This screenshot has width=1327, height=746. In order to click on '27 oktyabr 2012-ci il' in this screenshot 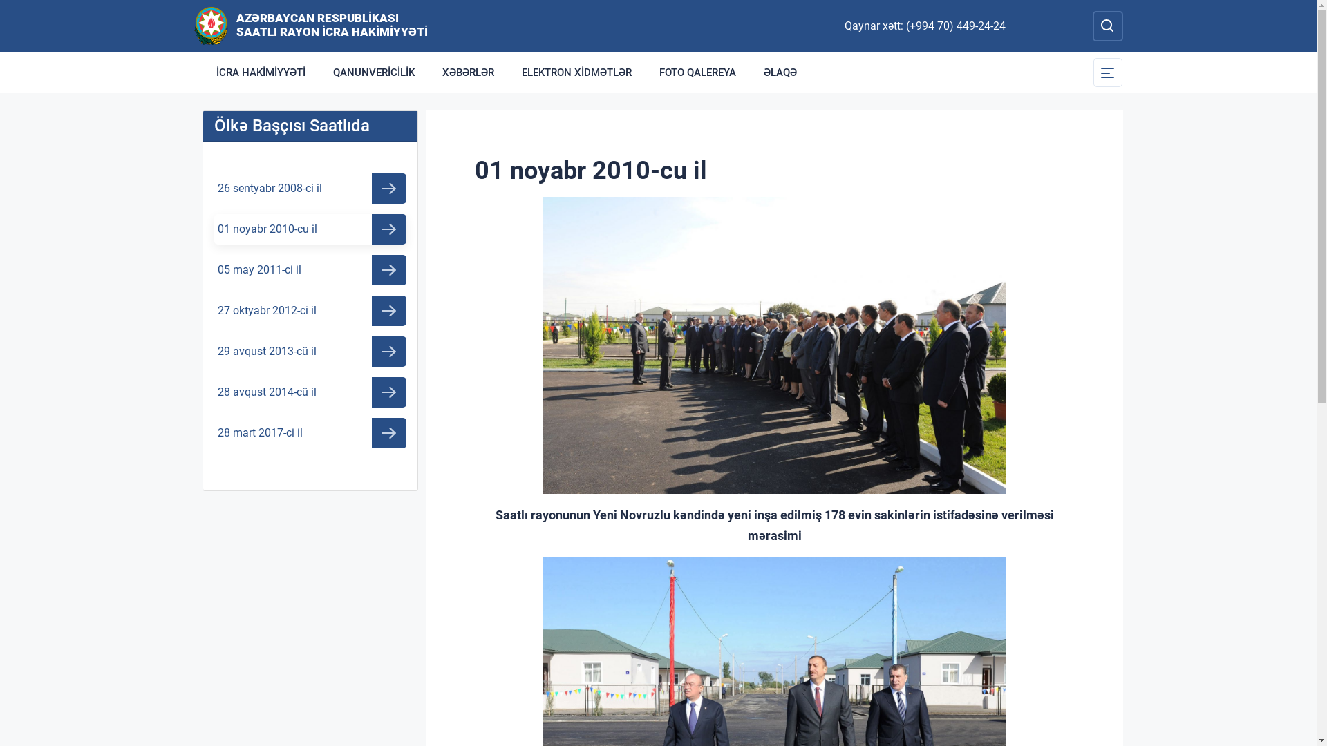, I will do `click(310, 311)`.